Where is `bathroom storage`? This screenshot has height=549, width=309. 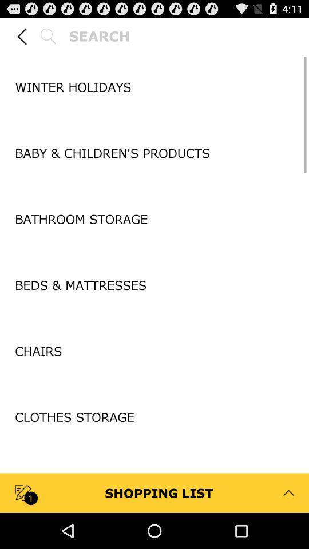
bathroom storage is located at coordinates (154, 218).